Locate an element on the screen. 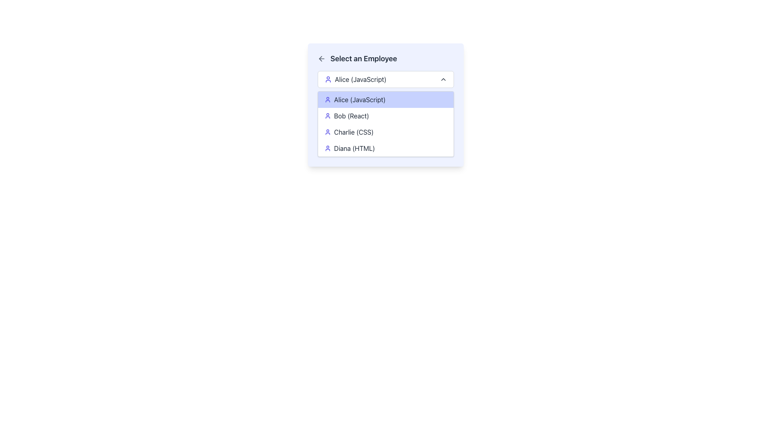 The image size is (779, 438). the user profile icon, which is a line drawing of a person with a circular head and shoulders, styled in indigo color, located to the left of the text 'Alice (JavaScript)' in the dropdown 'Select an Employee' is located at coordinates (328, 79).